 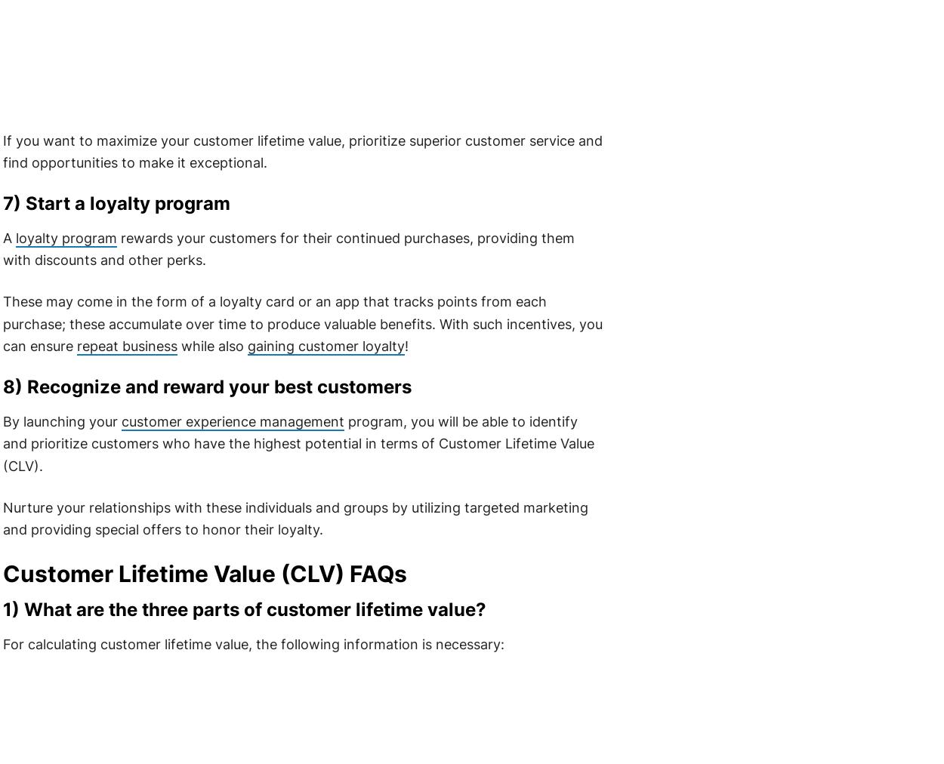 I want to click on 'gaining customer loyalty', so click(x=325, y=345).